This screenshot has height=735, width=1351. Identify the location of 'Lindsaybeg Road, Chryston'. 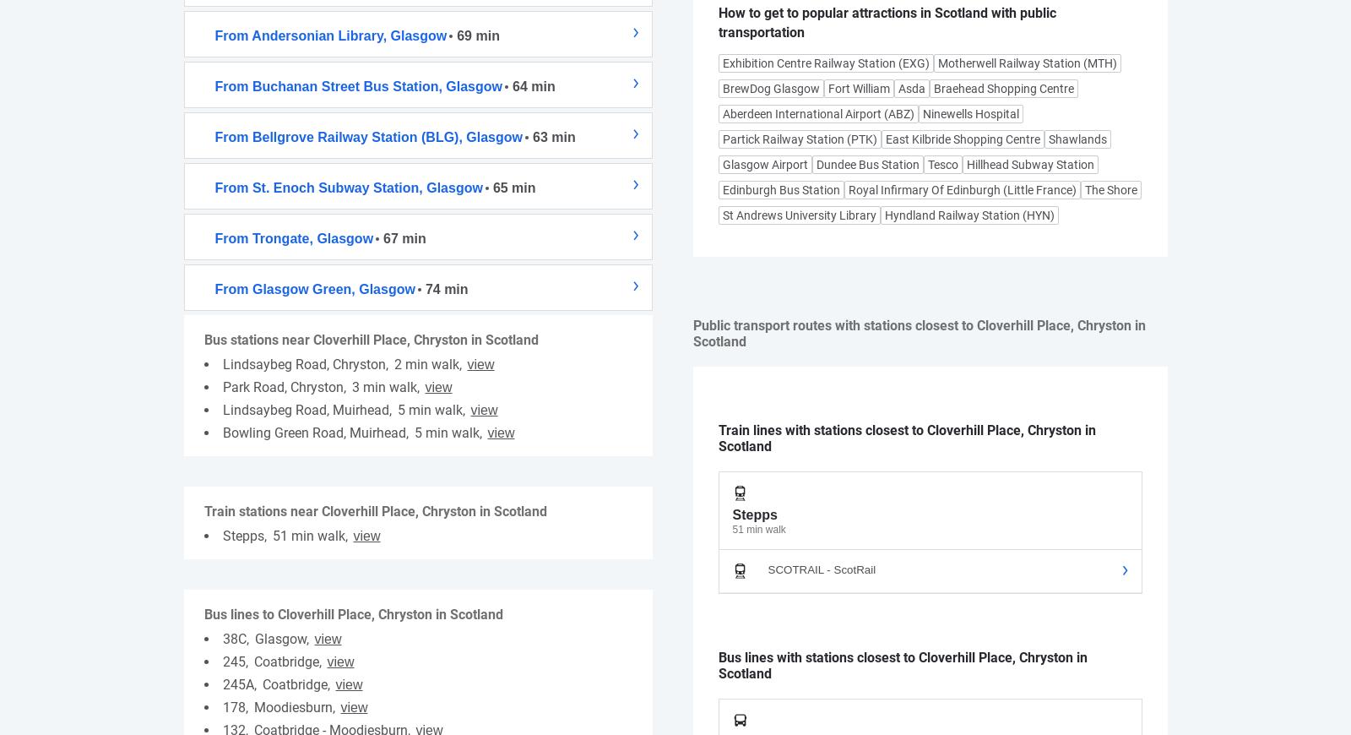
(222, 363).